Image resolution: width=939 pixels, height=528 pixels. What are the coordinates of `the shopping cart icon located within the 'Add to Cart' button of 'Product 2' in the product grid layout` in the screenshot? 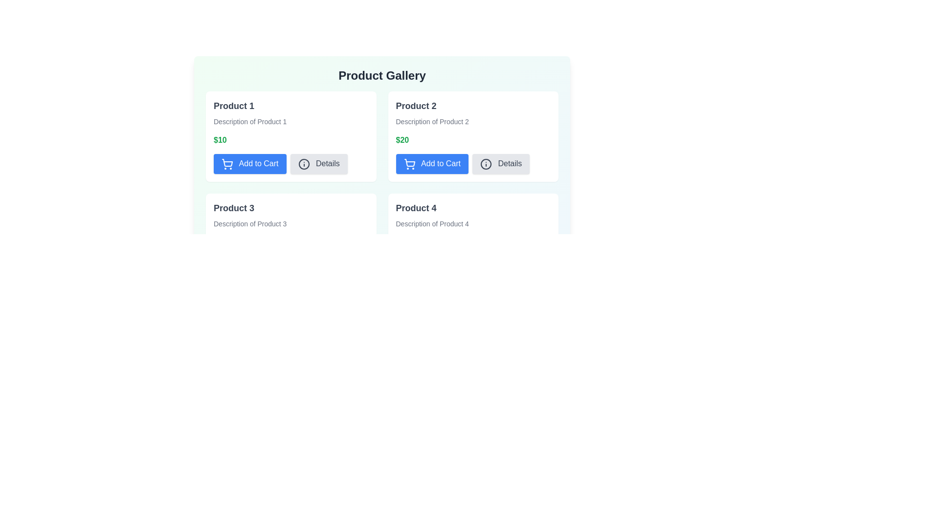 It's located at (227, 162).